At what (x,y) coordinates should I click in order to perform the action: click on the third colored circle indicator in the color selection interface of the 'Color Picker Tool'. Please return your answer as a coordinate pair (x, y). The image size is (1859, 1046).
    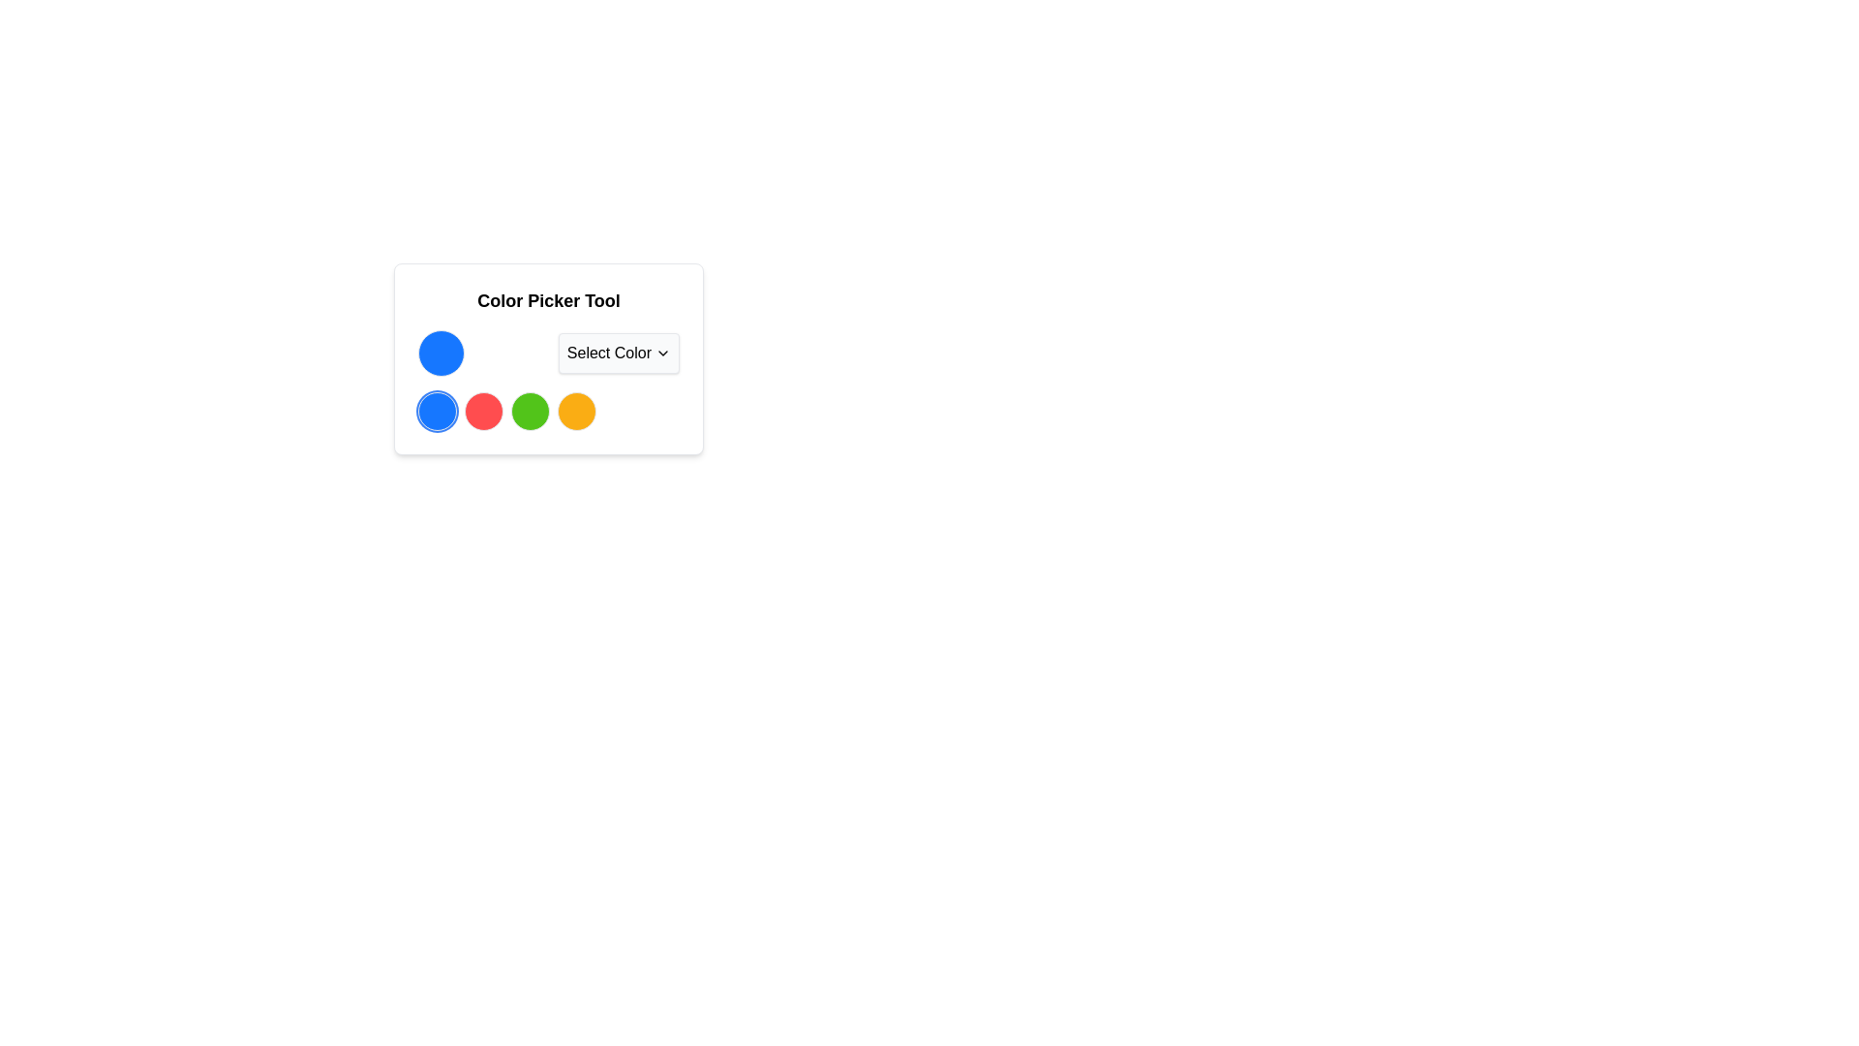
    Looking at the image, I should click on (530, 410).